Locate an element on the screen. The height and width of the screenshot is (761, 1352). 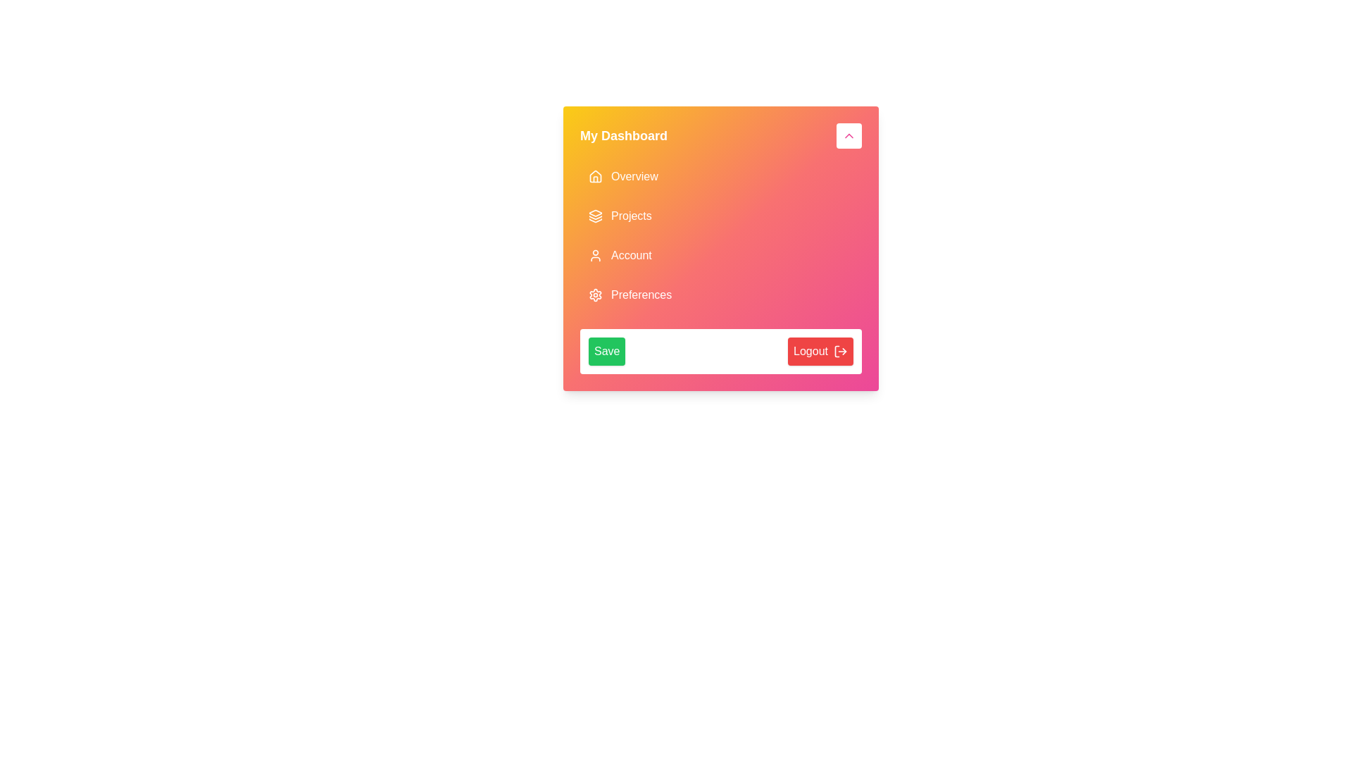
the 'Overview' icon located under 'My Dashboard' is located at coordinates (595, 175).